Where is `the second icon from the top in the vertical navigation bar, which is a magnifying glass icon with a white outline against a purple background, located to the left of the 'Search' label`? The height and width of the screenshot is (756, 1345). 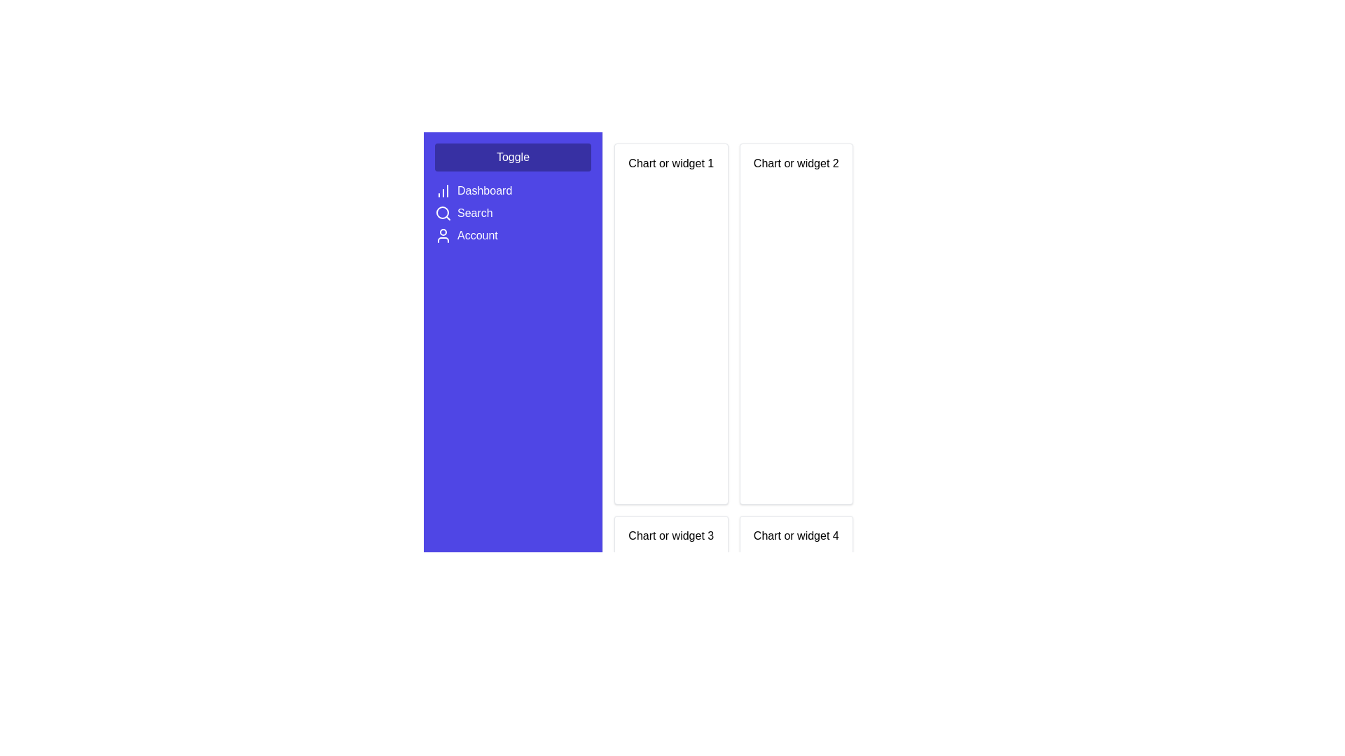
the second icon from the top in the vertical navigation bar, which is a magnifying glass icon with a white outline against a purple background, located to the left of the 'Search' label is located at coordinates (443, 213).